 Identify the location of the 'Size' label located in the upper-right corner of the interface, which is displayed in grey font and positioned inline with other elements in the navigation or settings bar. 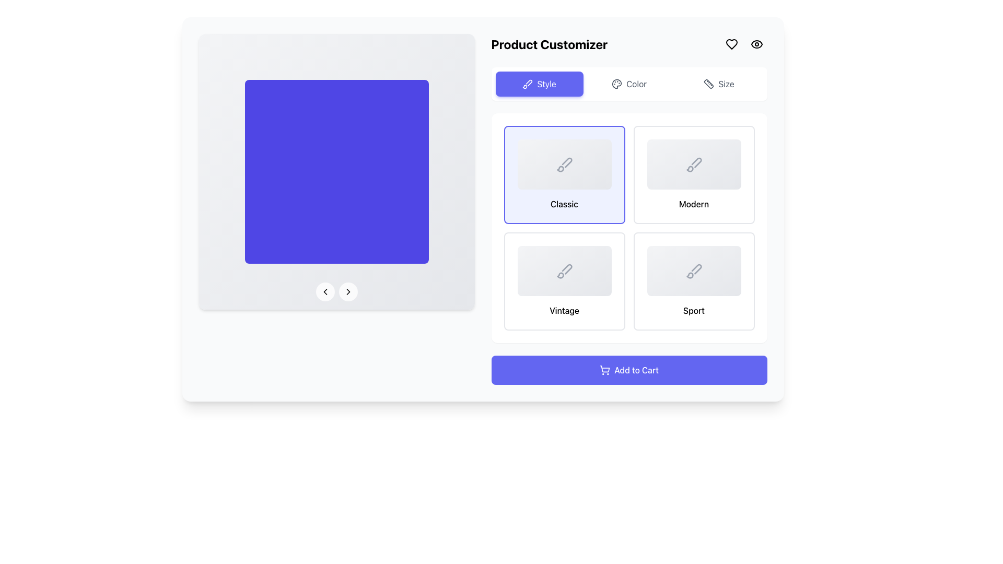
(726, 84).